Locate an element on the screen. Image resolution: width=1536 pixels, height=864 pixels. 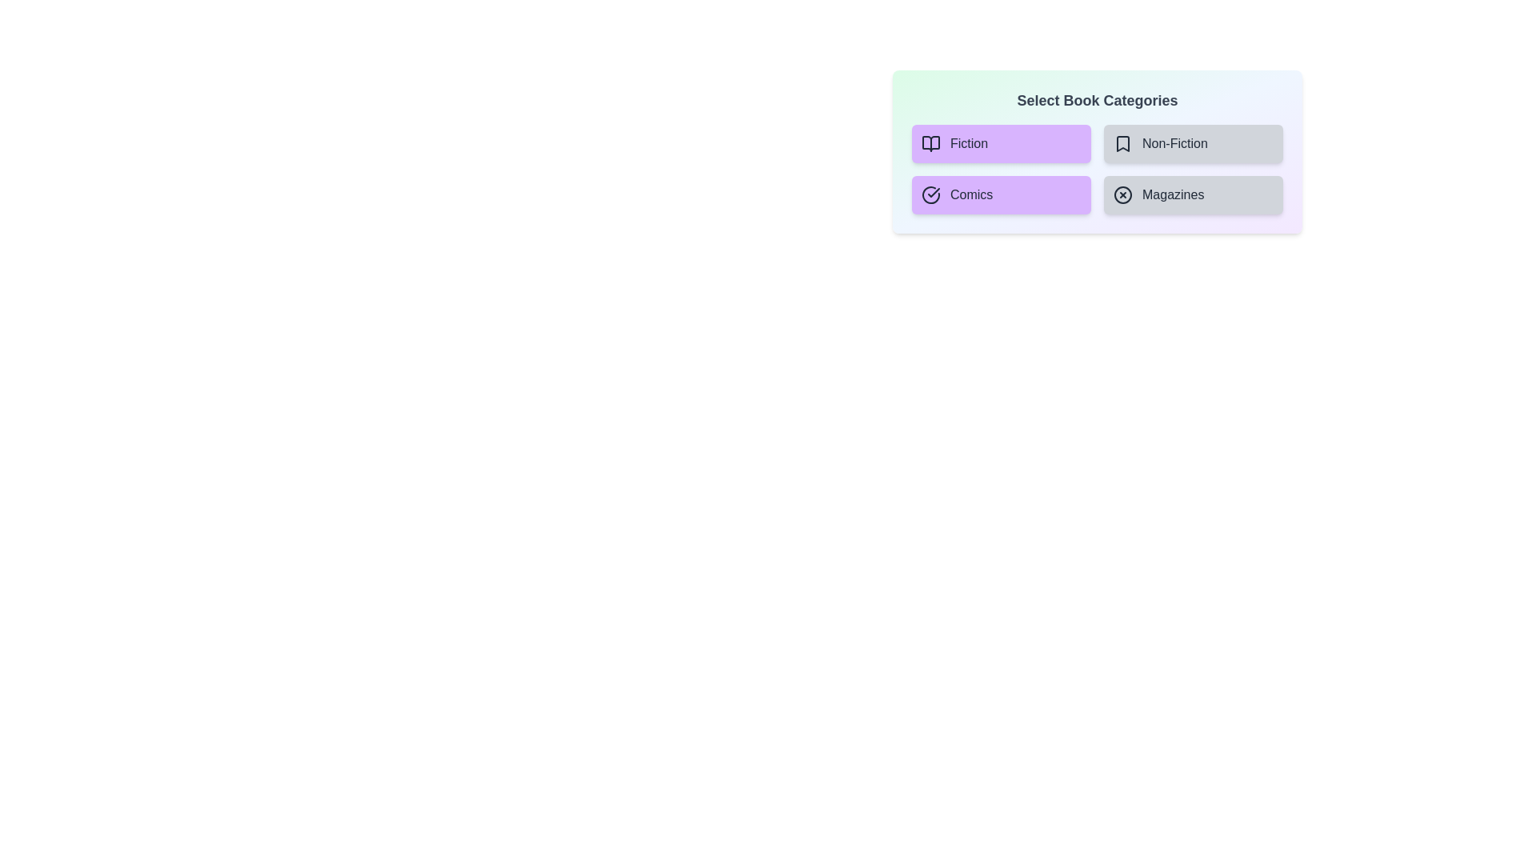
the category Non-Fiction is located at coordinates (1194, 144).